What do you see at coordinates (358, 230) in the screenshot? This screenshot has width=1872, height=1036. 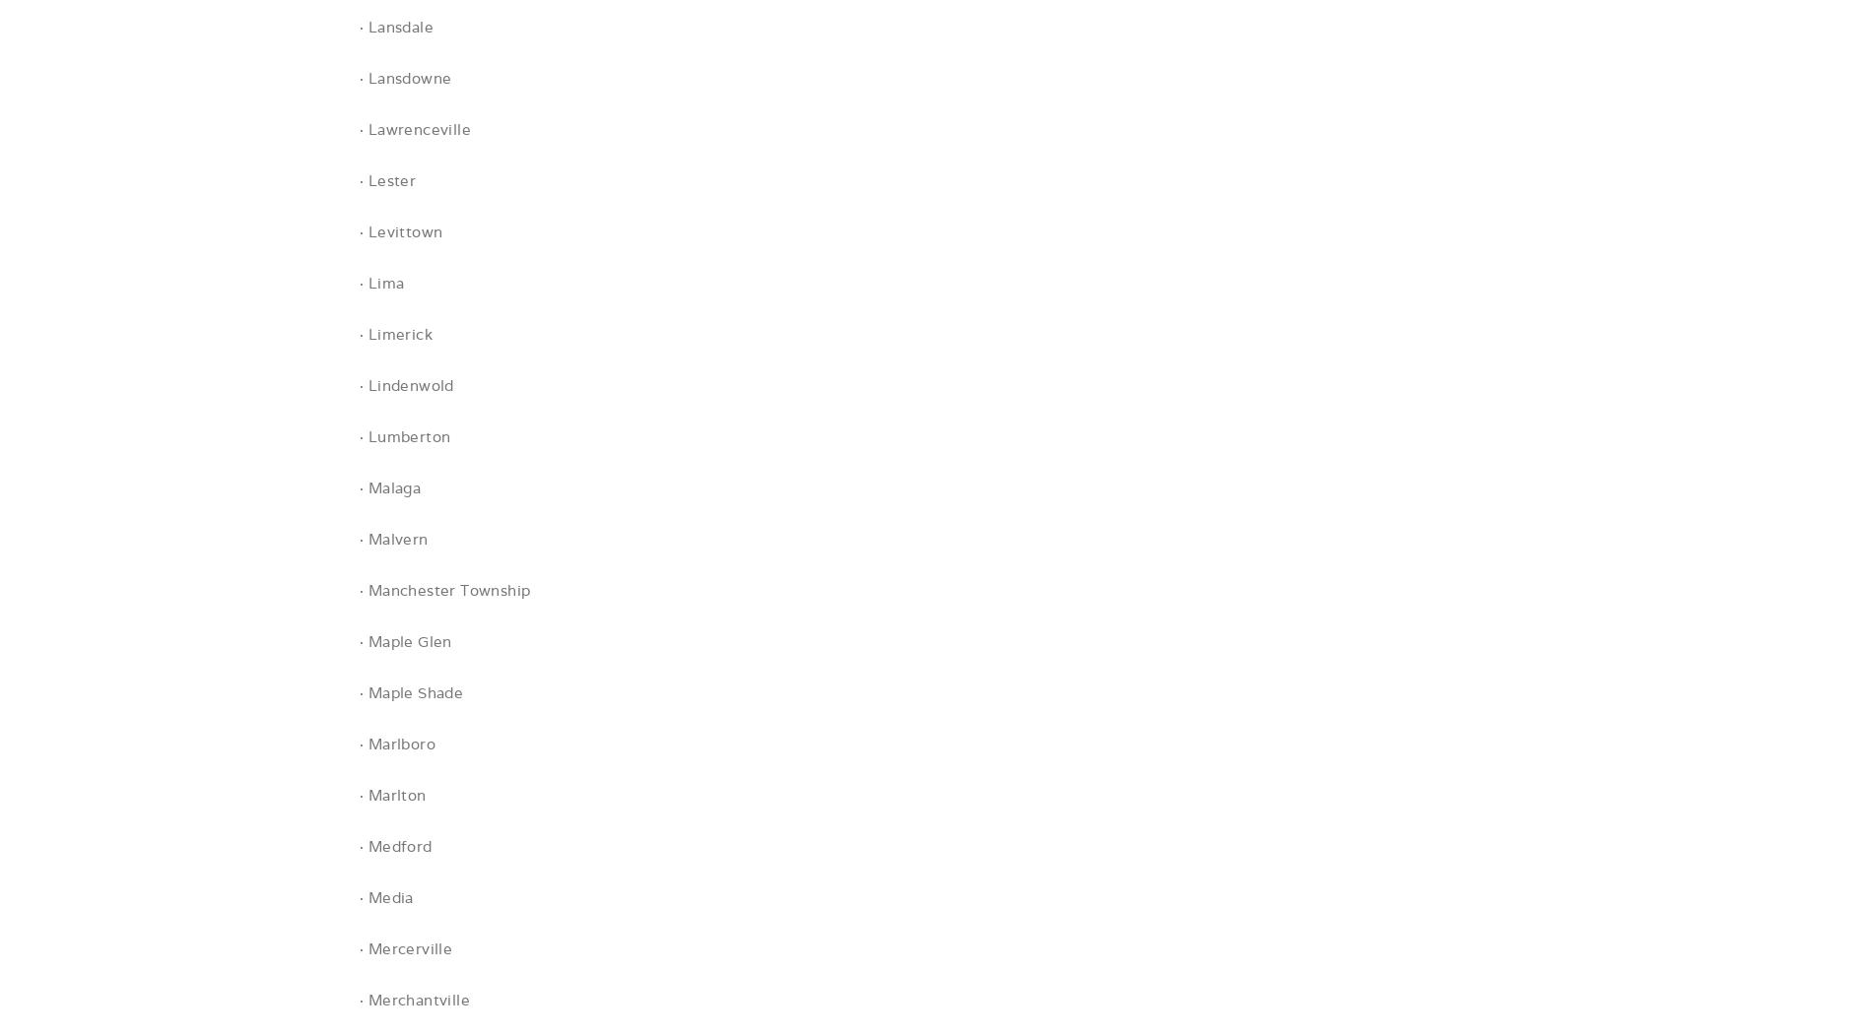 I see `'· Levittown'` at bounding box center [358, 230].